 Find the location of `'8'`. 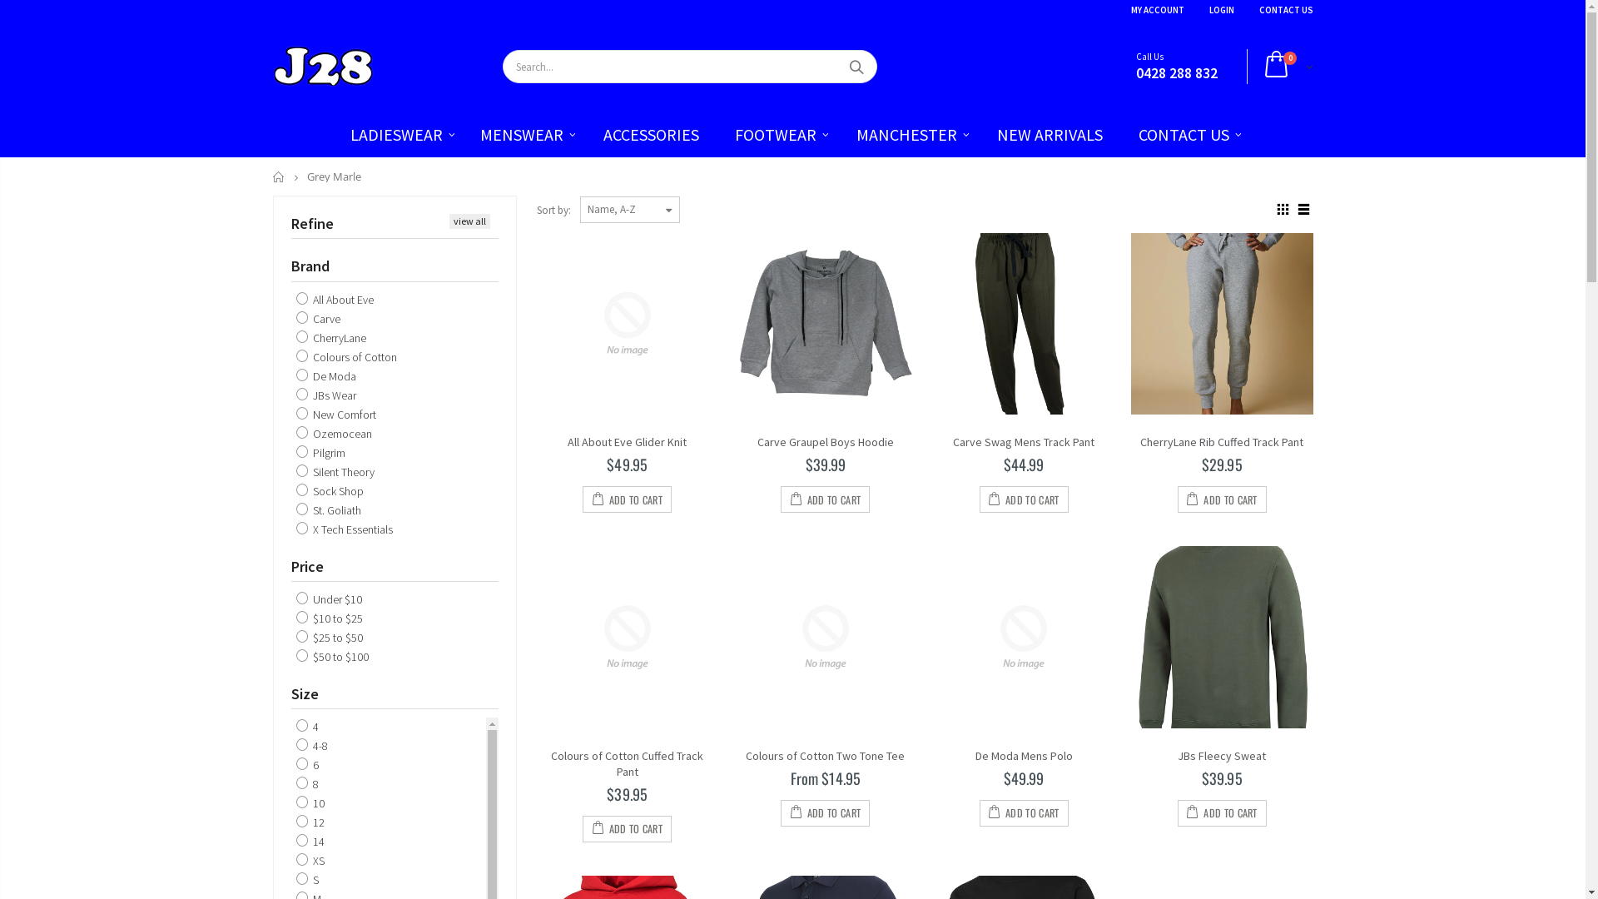

'8' is located at coordinates (307, 783).